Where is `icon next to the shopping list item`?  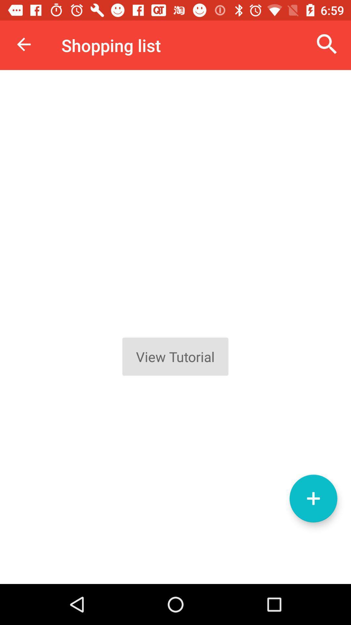
icon next to the shopping list item is located at coordinates (327, 44).